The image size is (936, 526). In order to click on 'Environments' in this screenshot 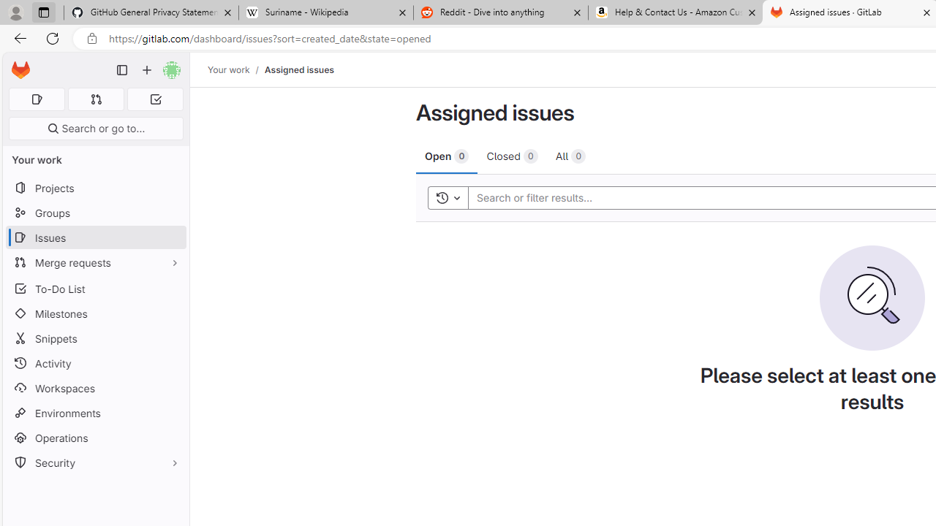, I will do `click(95, 413)`.